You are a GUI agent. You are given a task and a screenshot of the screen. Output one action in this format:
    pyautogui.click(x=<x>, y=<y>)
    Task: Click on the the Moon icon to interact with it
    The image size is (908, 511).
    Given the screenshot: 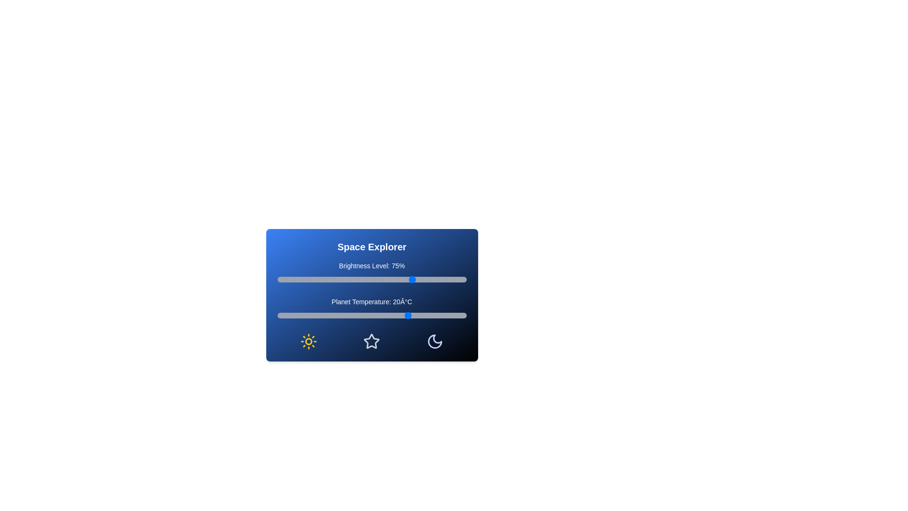 What is the action you would take?
    pyautogui.click(x=434, y=341)
    